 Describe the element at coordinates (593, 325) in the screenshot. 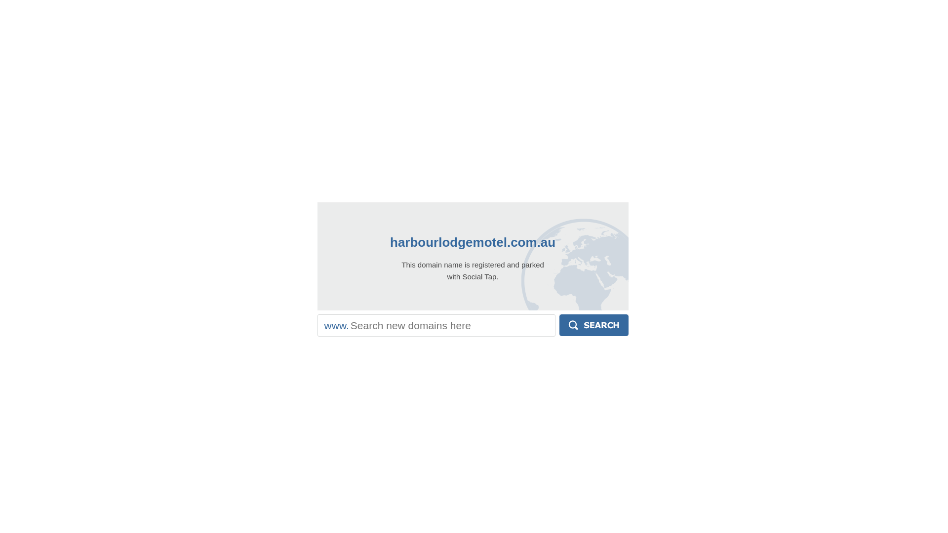

I see `'Search'` at that location.